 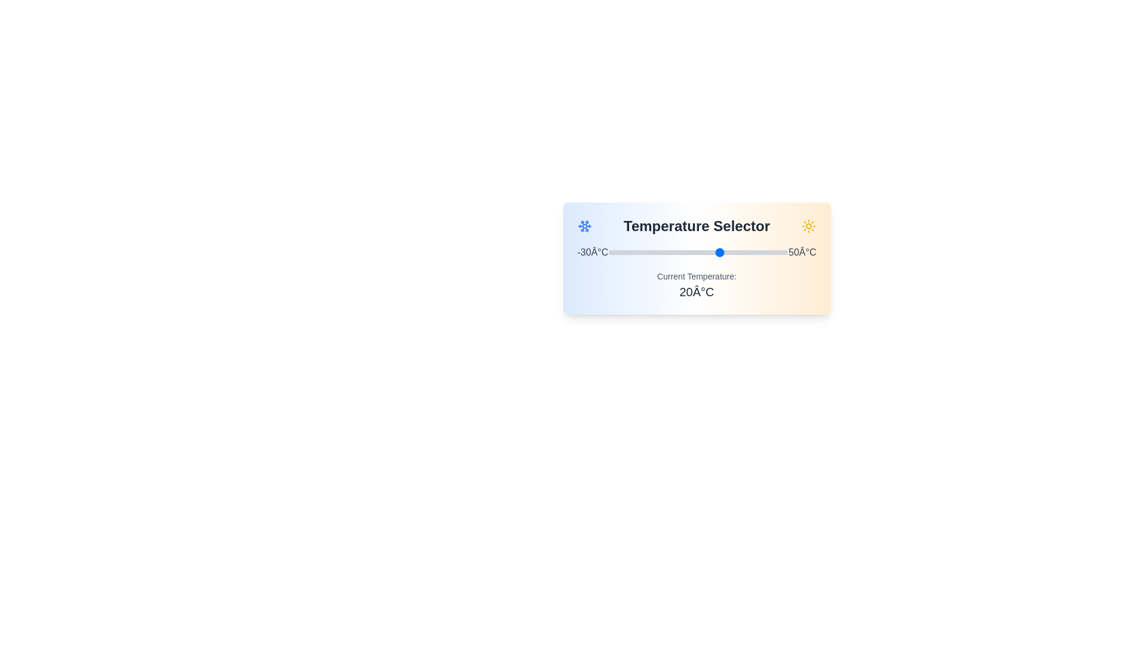 I want to click on the temperature, so click(x=772, y=252).